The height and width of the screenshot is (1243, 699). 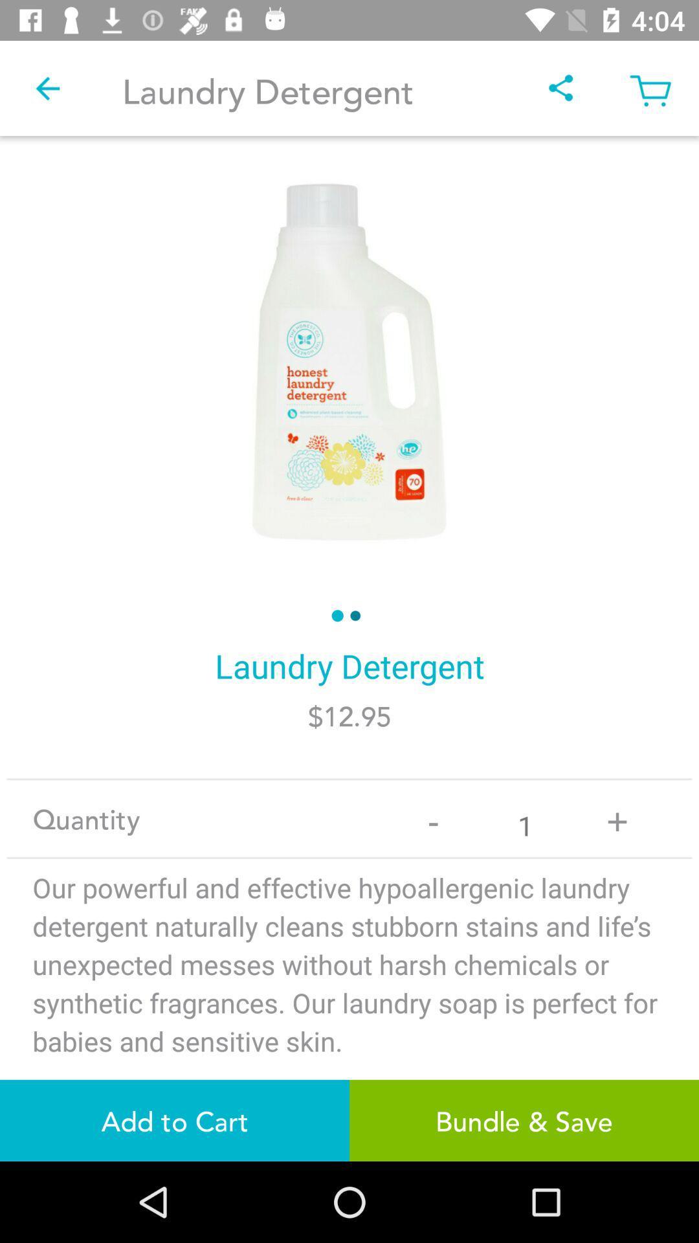 What do you see at coordinates (433, 818) in the screenshot?
I see `the -` at bounding box center [433, 818].